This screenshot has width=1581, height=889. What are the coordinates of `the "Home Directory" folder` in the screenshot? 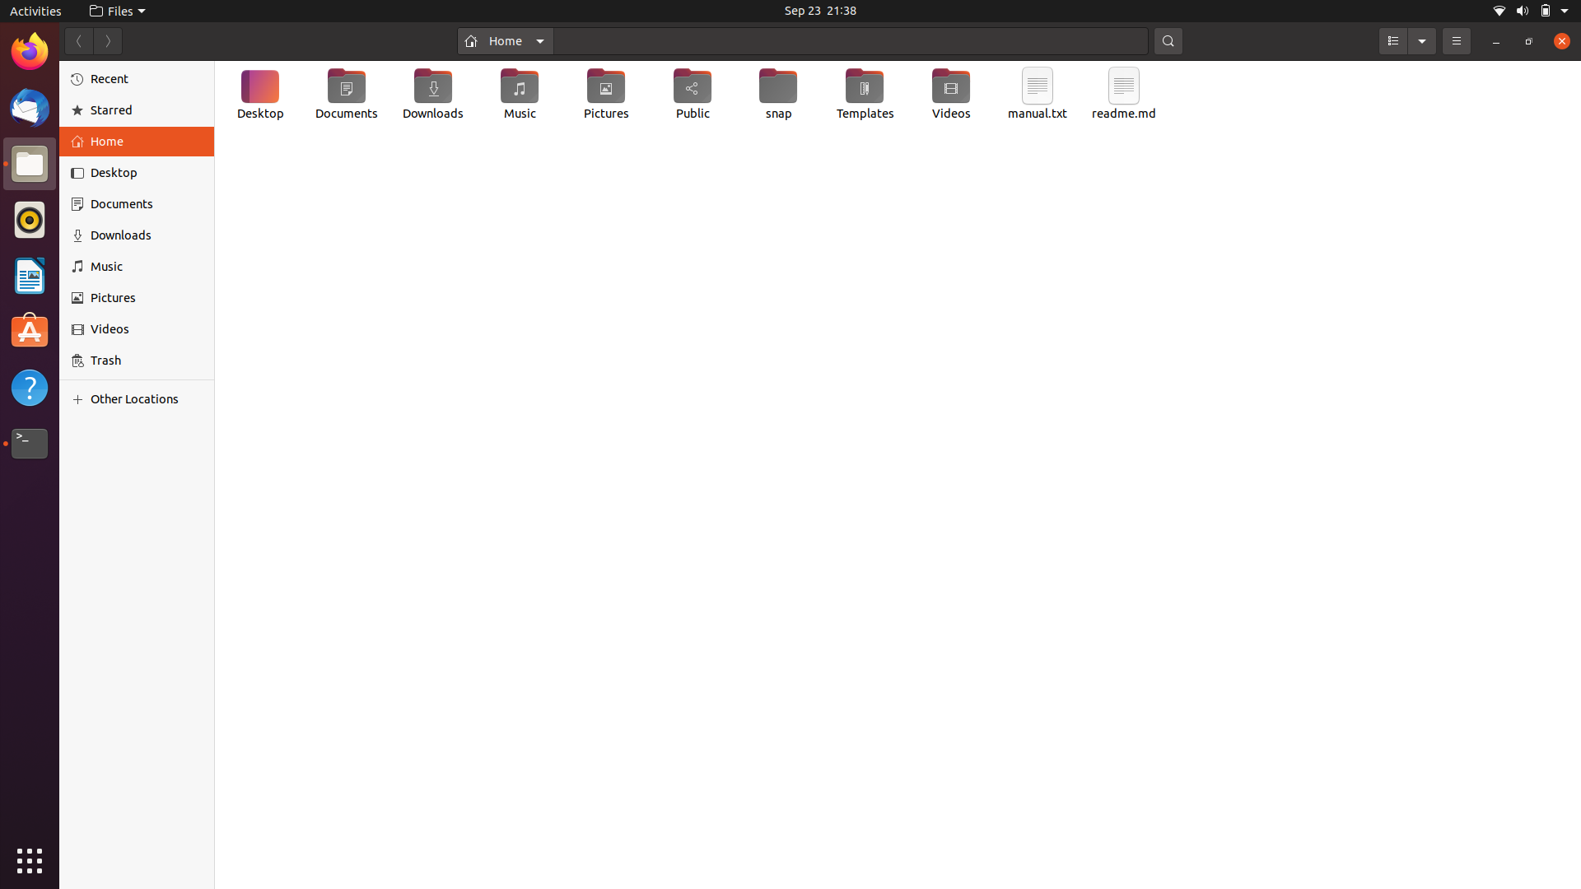 It's located at (504, 40).